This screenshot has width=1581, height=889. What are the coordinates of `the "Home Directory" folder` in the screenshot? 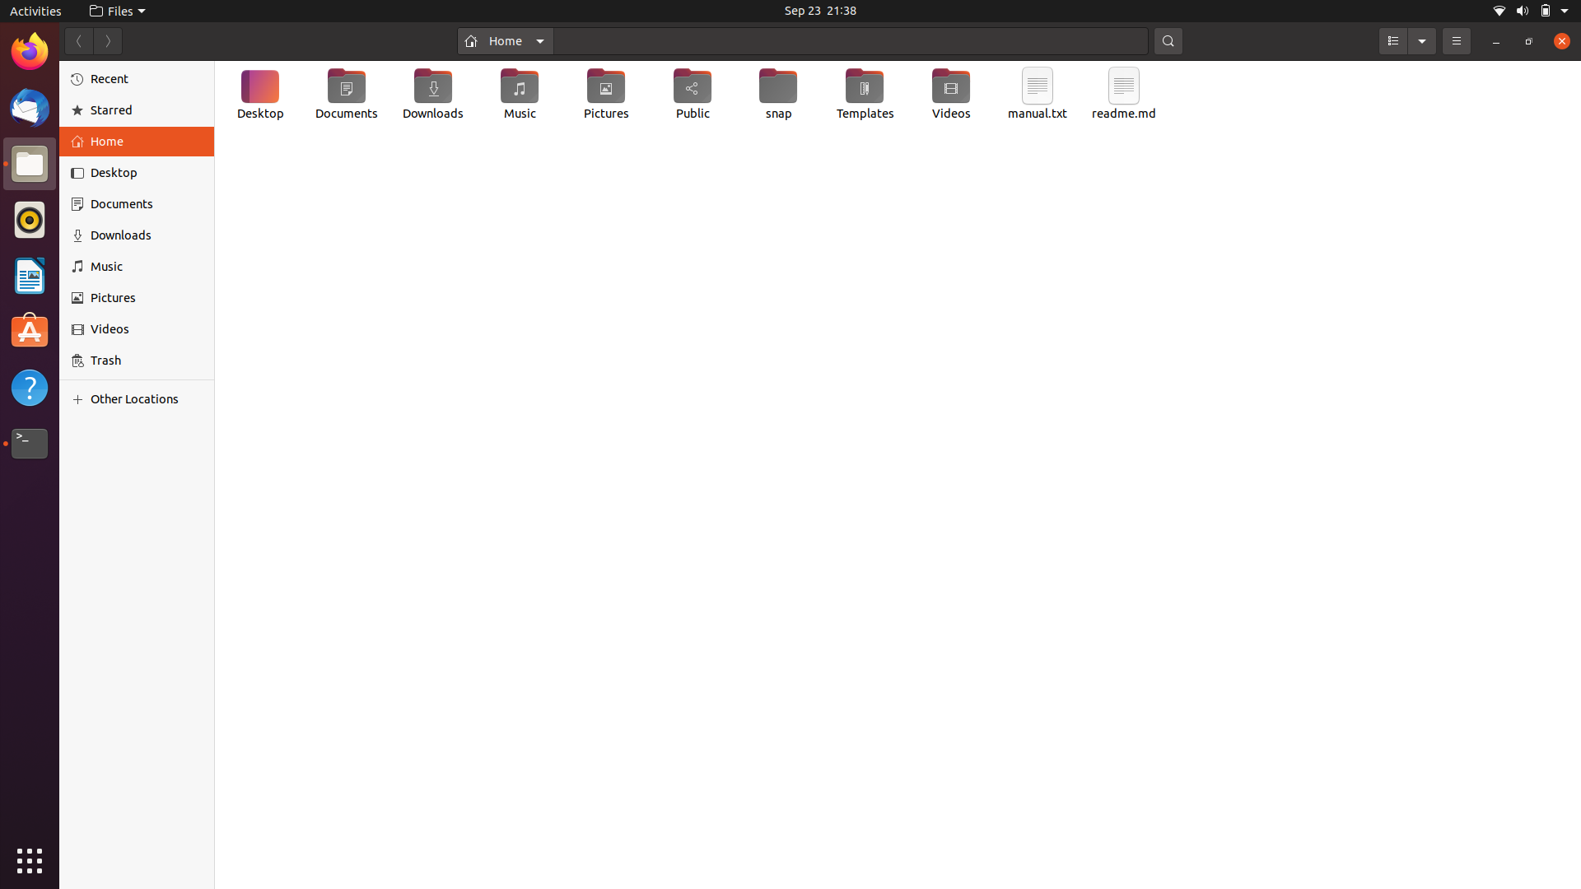 It's located at (504, 40).